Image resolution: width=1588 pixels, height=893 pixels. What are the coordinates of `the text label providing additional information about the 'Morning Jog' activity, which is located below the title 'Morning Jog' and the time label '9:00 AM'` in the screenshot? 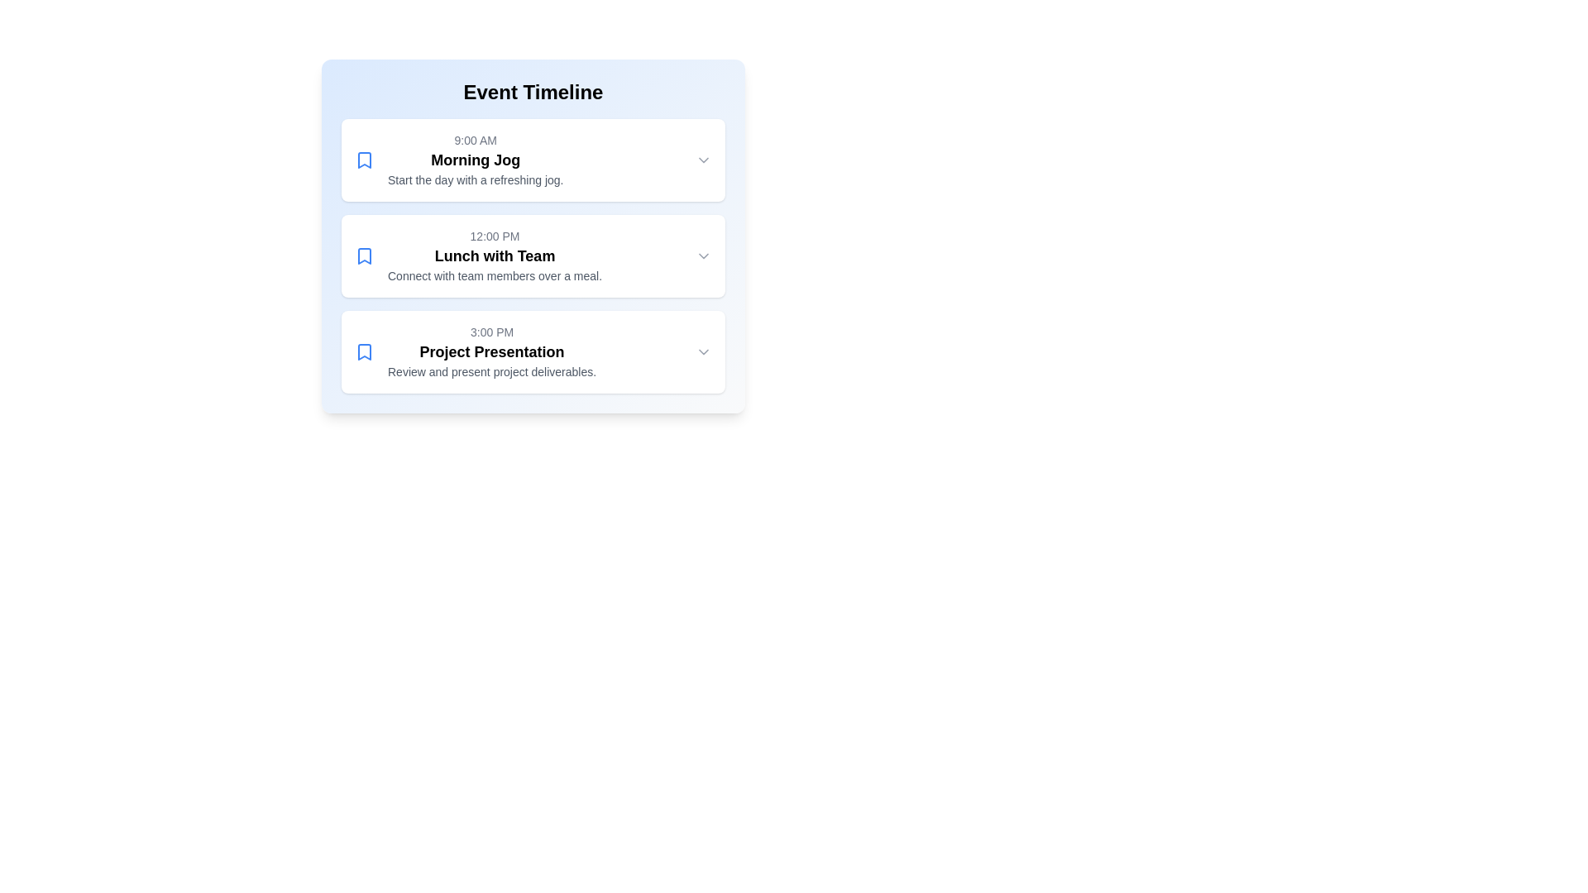 It's located at (475, 180).